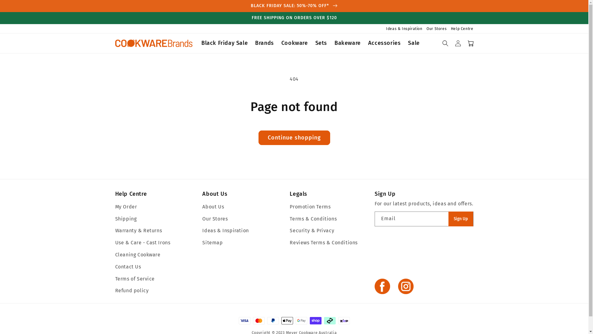 The width and height of the screenshot is (593, 334). I want to click on 'Terms & Conditions', so click(313, 219).